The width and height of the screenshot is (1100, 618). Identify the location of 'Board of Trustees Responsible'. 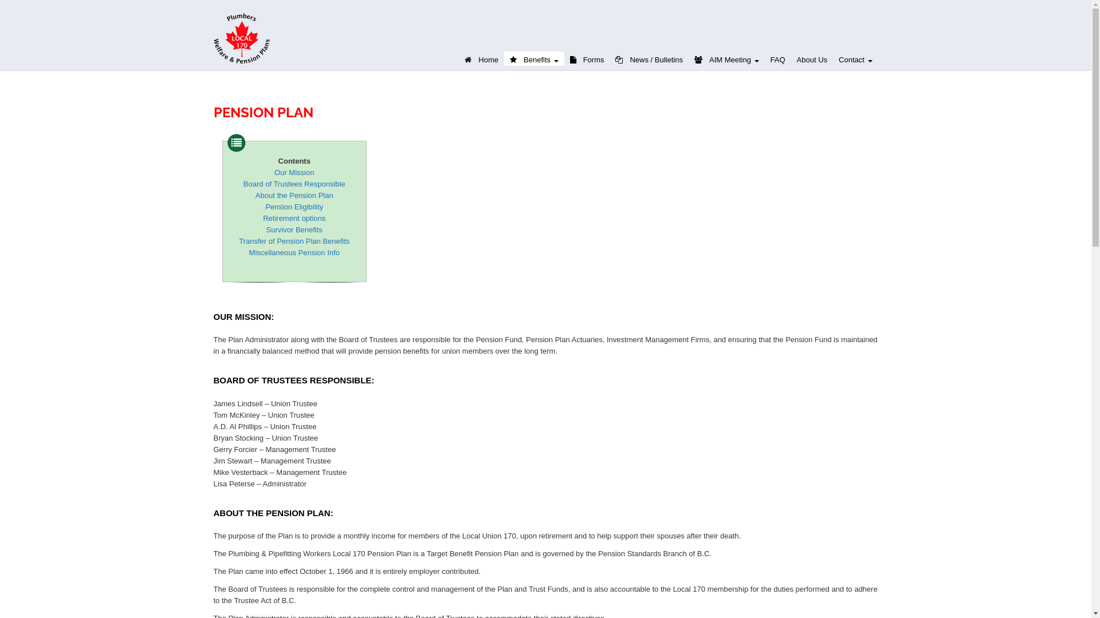
(294, 183).